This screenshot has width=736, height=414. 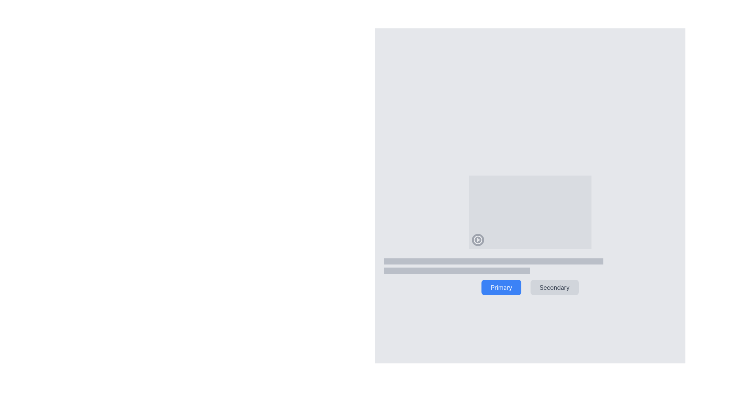 I want to click on the Skeleton loader placeholder, which consists of two vertically stacked gray bars with a pulsating animation effect, located above the 'Primary' and 'Secondary' buttons, so click(x=529, y=266).